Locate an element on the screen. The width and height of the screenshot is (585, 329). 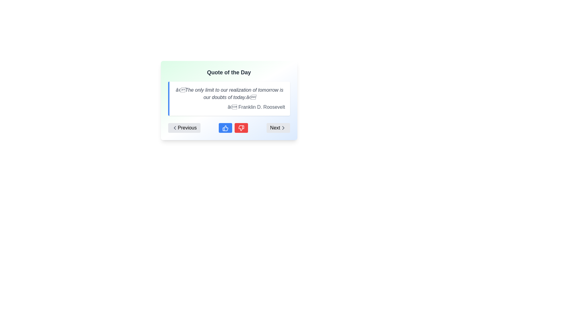
the thumbs-up button located centrally below the quote section to upvote is located at coordinates (233, 128).